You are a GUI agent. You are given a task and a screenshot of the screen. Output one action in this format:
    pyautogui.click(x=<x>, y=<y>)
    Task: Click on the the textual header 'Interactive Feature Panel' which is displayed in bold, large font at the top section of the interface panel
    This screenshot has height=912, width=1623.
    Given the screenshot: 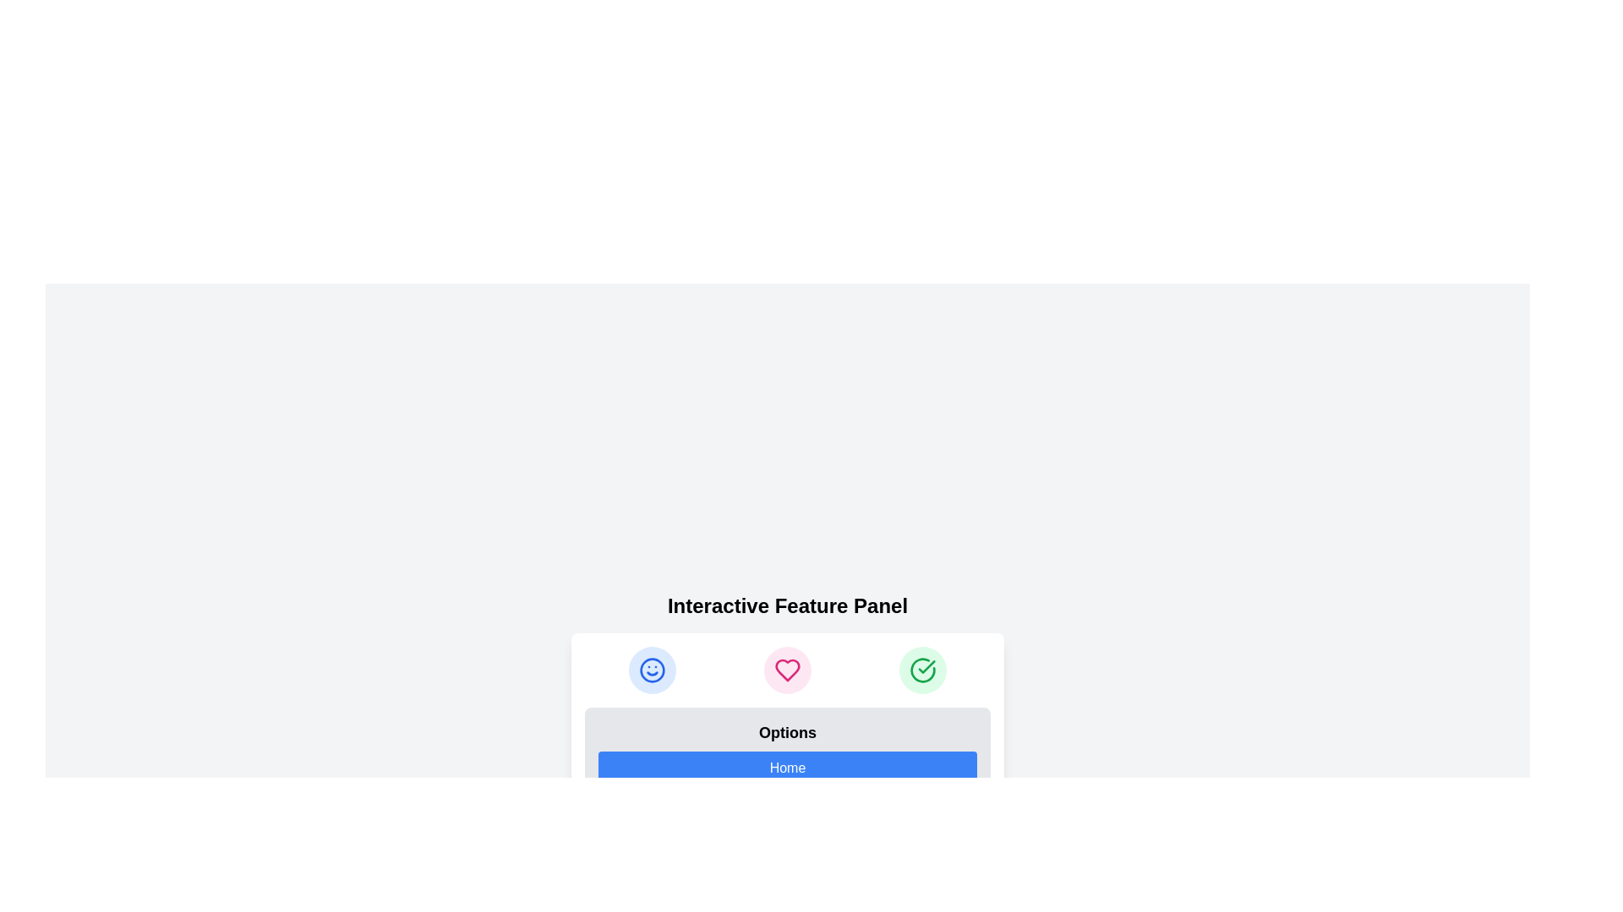 What is the action you would take?
    pyautogui.click(x=786, y=605)
    